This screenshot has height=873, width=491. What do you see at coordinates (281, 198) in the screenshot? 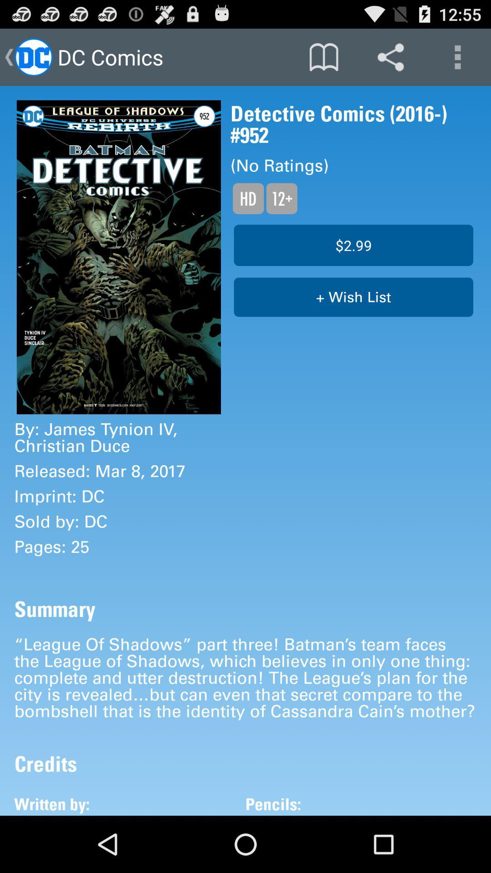
I see `icon above the $2.99` at bounding box center [281, 198].